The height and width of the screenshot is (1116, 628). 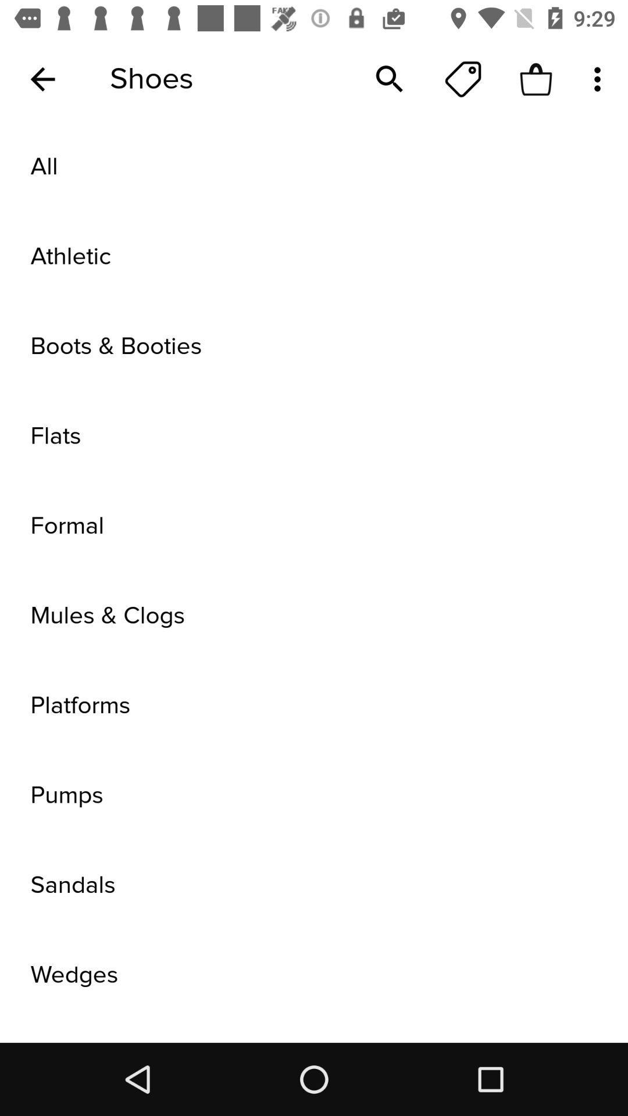 What do you see at coordinates (314, 166) in the screenshot?
I see `all` at bounding box center [314, 166].